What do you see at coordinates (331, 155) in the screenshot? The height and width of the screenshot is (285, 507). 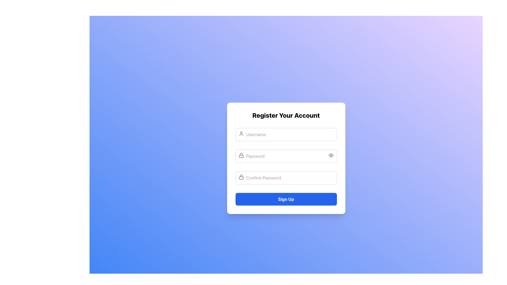 I see `the visibility toggle button associated with the password input field located at the right end of the input box in the second row of the form` at bounding box center [331, 155].